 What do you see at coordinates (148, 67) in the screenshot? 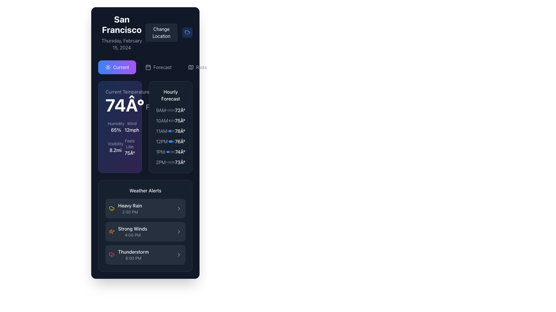
I see `the graphical element within the calendar icon, which is centered horizontally and located in the top section of the interface, situated to the right of the 'Current' and 'Forecast' tabs` at bounding box center [148, 67].